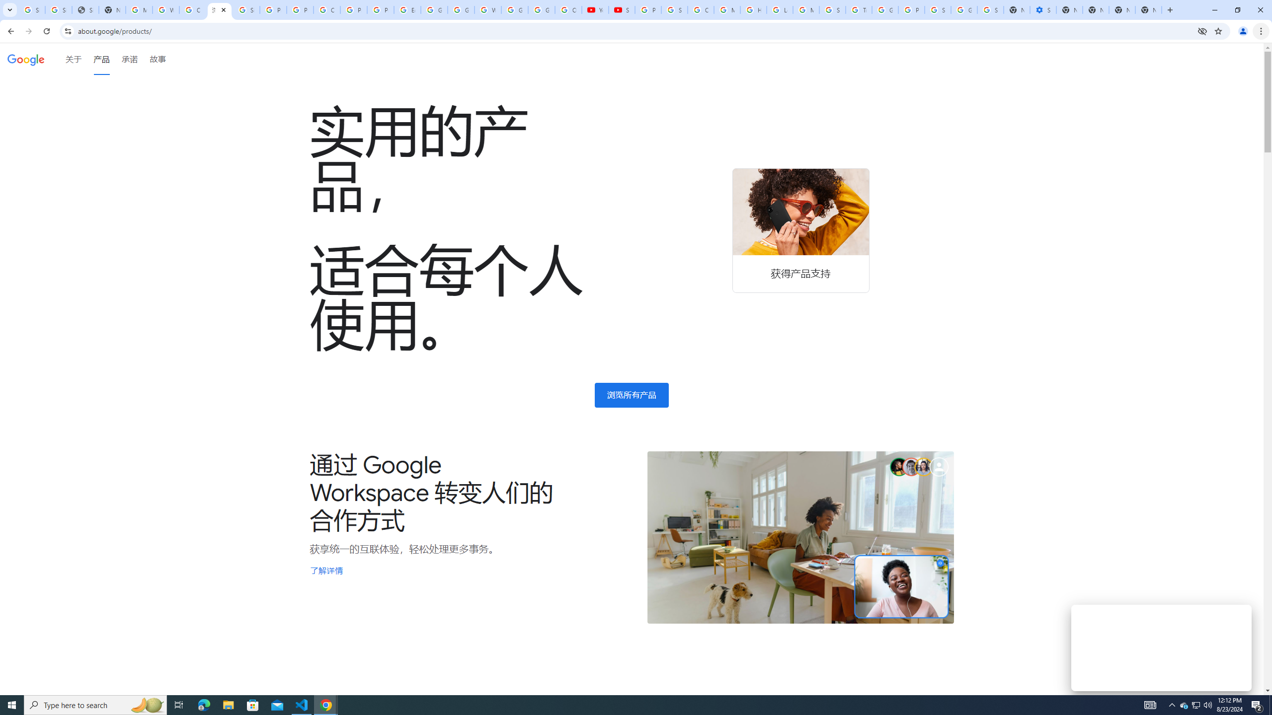 This screenshot has width=1272, height=715. What do you see at coordinates (85, 9) in the screenshot?
I see `'Sign In - USA TODAY'` at bounding box center [85, 9].